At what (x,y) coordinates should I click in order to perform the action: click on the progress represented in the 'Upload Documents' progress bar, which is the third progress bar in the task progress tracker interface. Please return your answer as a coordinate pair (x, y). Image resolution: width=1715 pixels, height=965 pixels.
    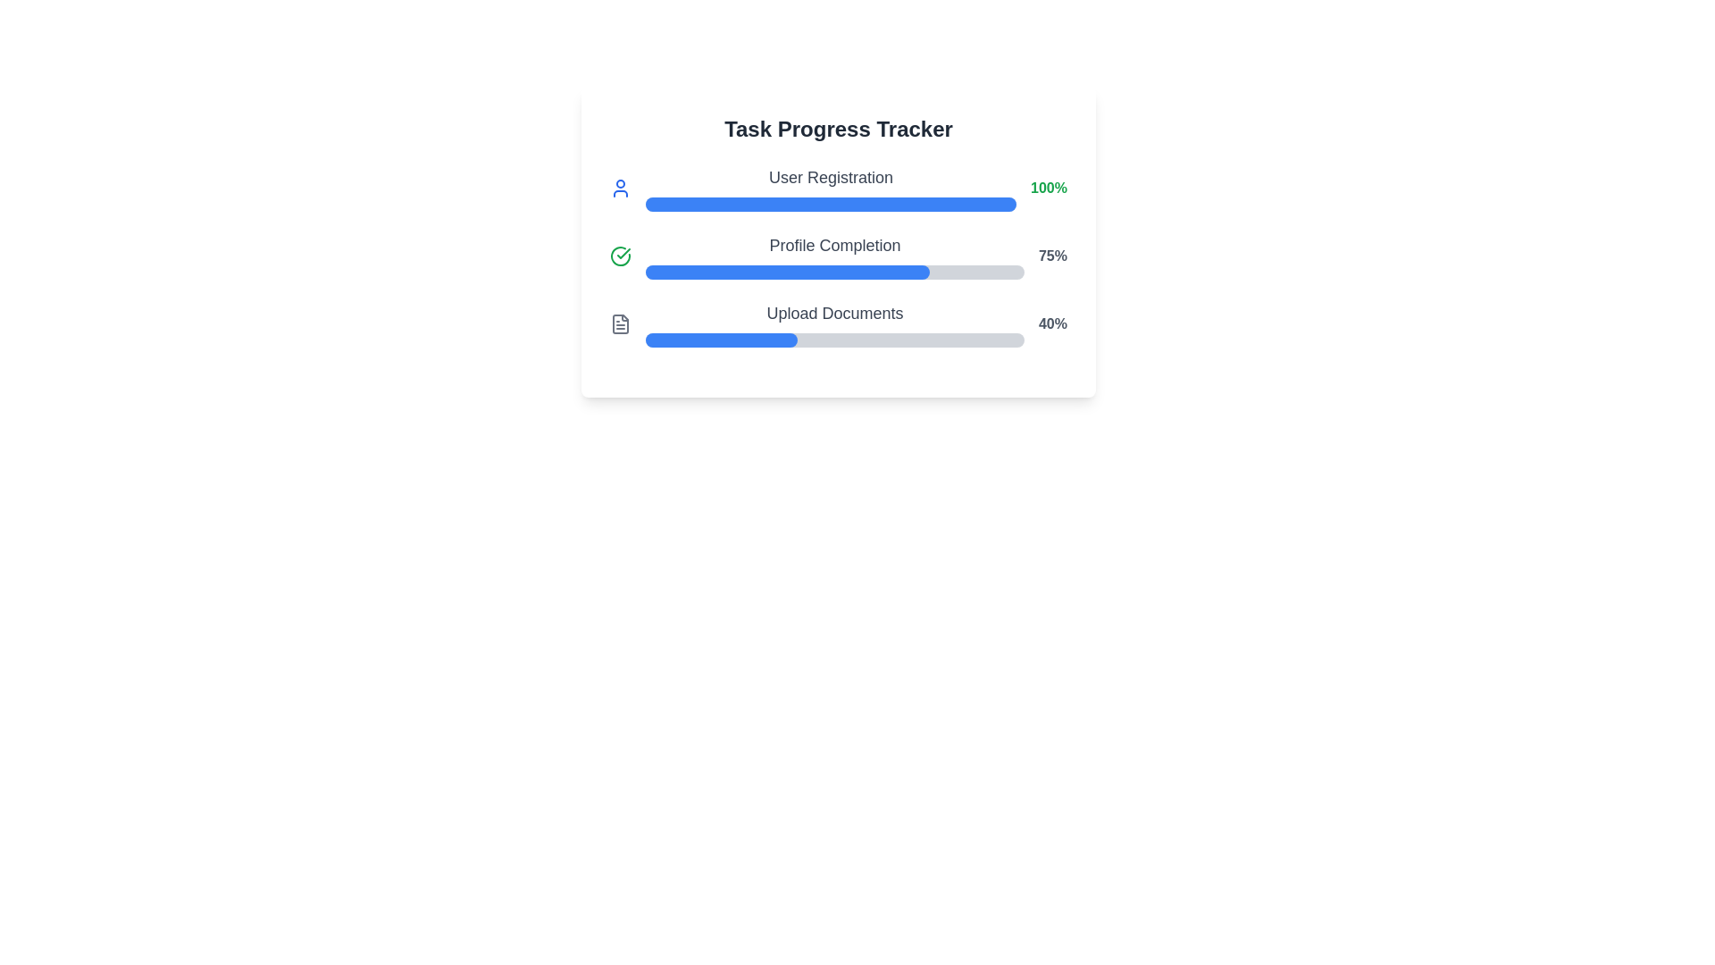
    Looking at the image, I should click on (834, 323).